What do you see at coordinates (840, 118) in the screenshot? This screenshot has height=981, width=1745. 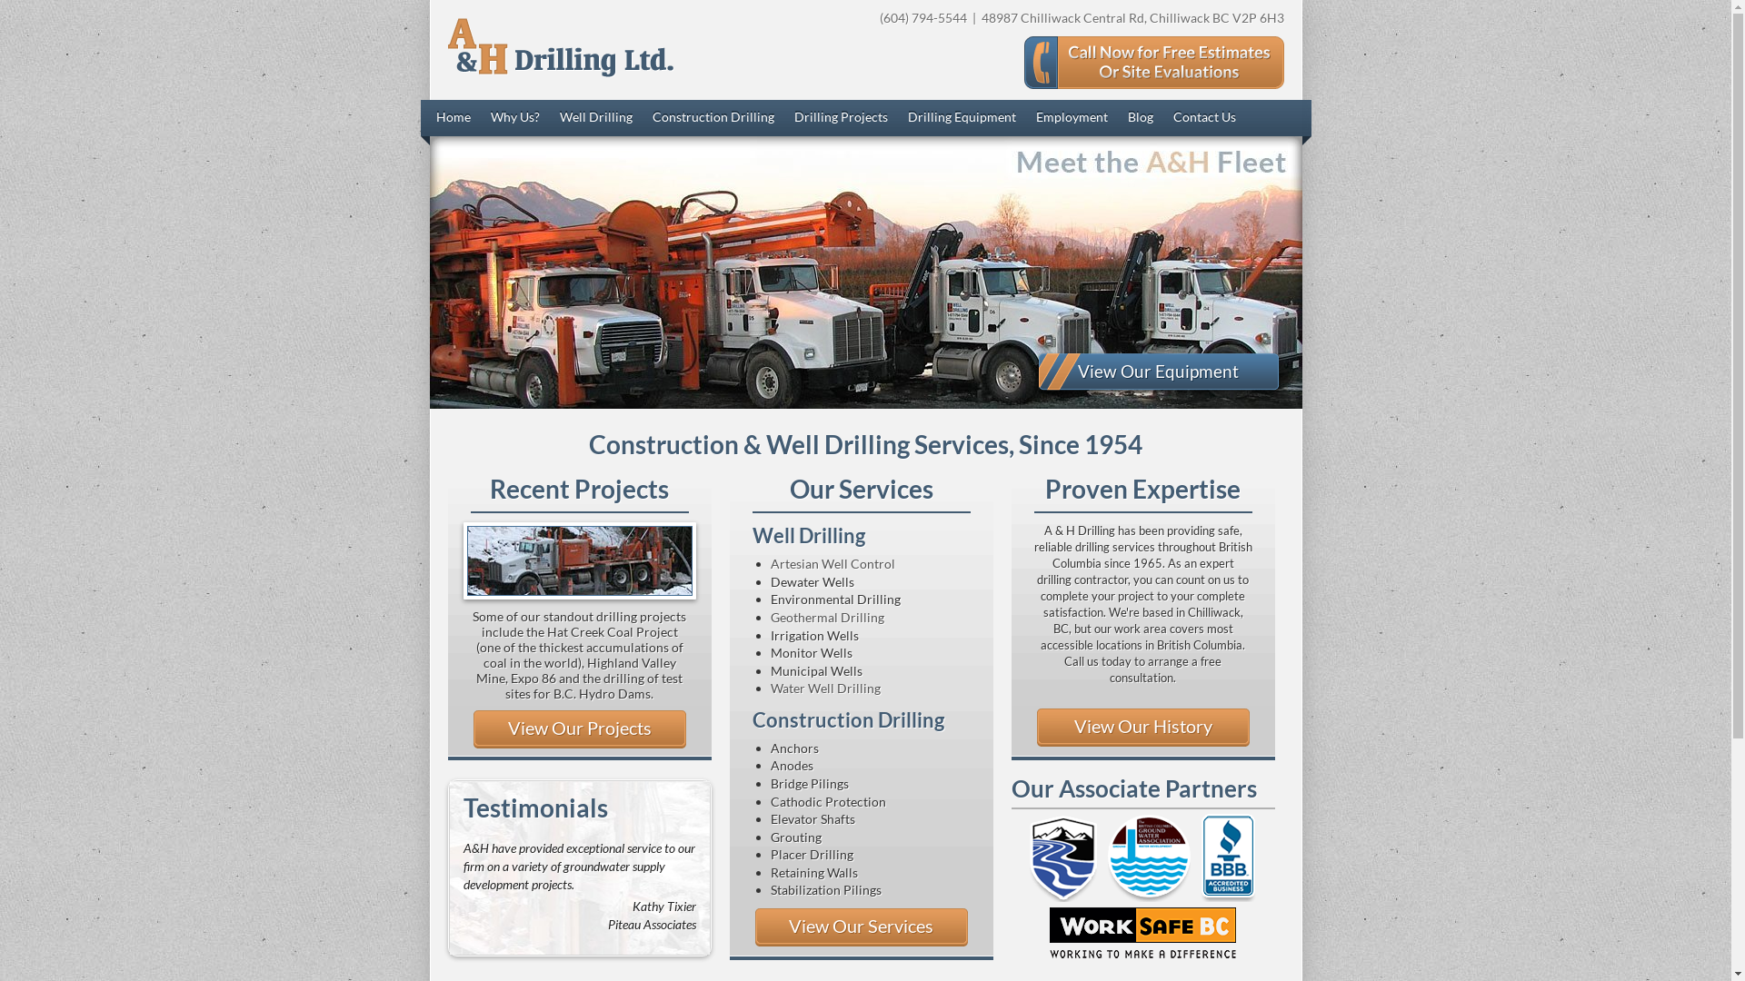 I see `'Drilling Projects'` at bounding box center [840, 118].